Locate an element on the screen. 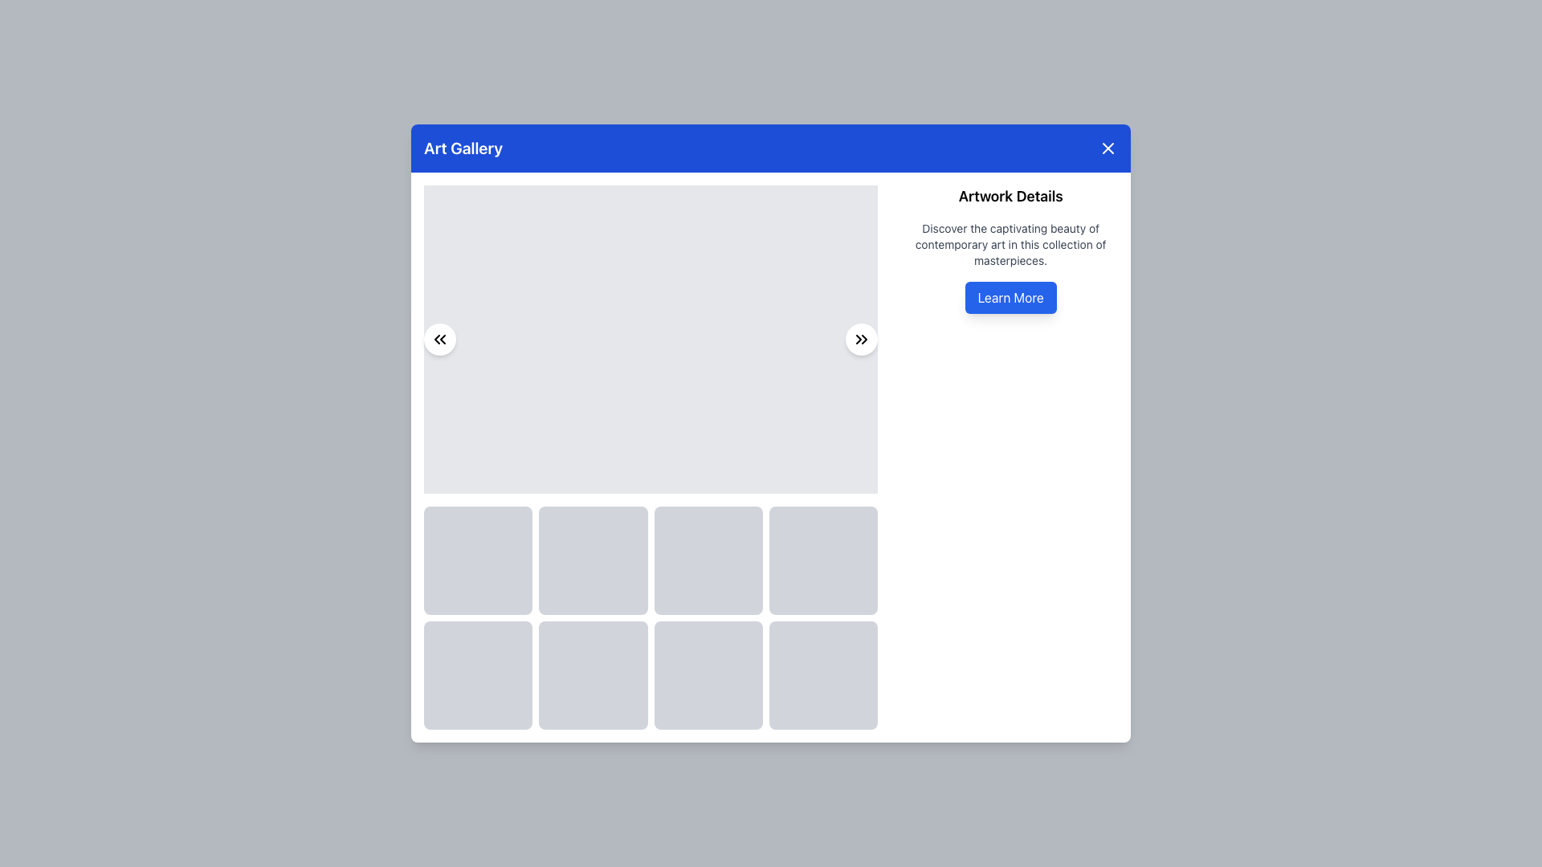  the square-shaped box with a light gray background and rounded corners located in the first column of the second row of the grid layout is located at coordinates (477, 675).